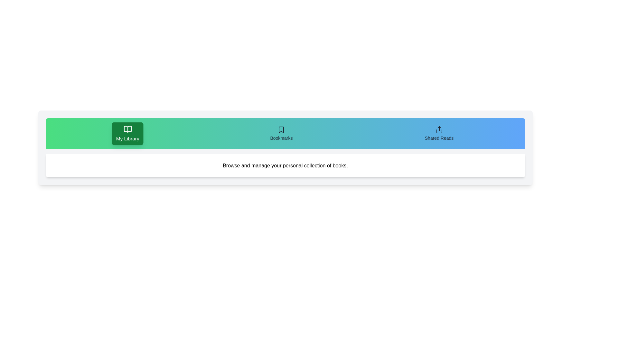  What do you see at coordinates (439, 133) in the screenshot?
I see `the tab labeled Shared Reads` at bounding box center [439, 133].